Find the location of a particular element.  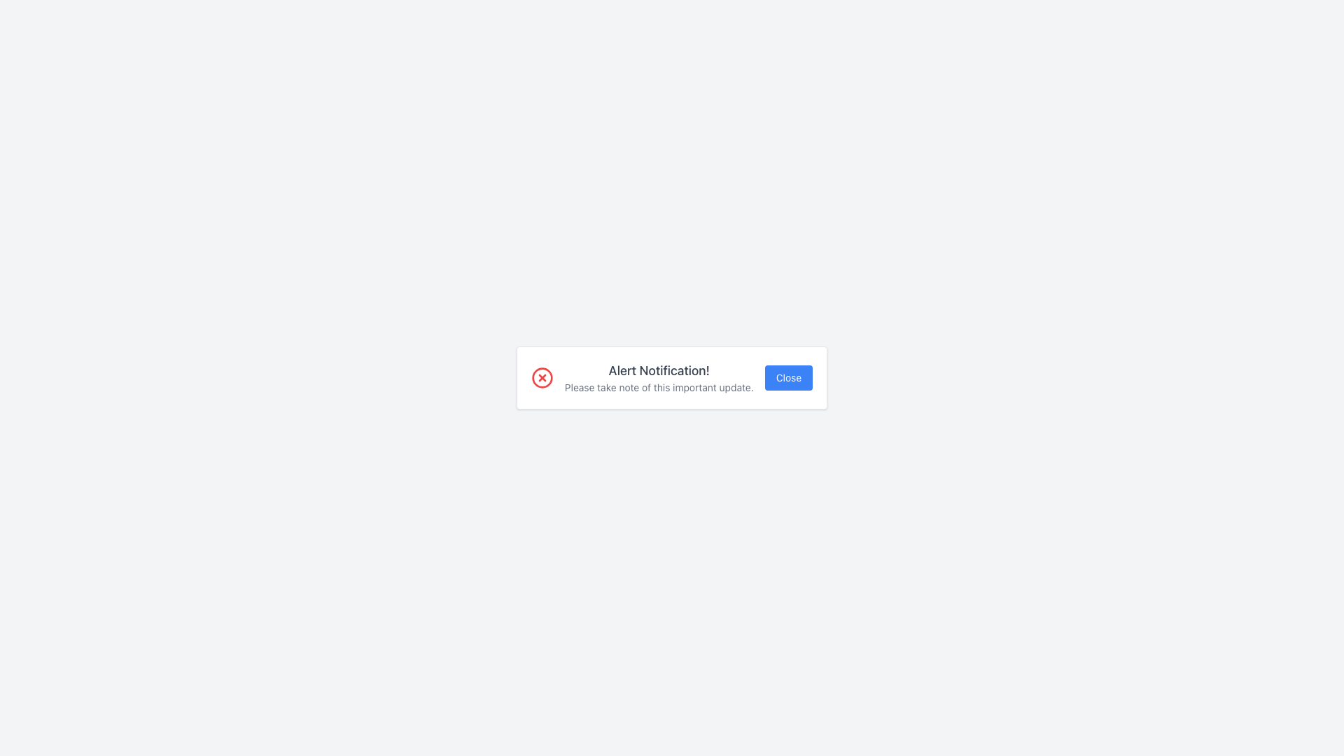

the decorative alert notification icon located on the left side of the alert notification box, adjacent to the text 'Alert Notification!' and 'Please take note of this important update.' is located at coordinates (541, 378).